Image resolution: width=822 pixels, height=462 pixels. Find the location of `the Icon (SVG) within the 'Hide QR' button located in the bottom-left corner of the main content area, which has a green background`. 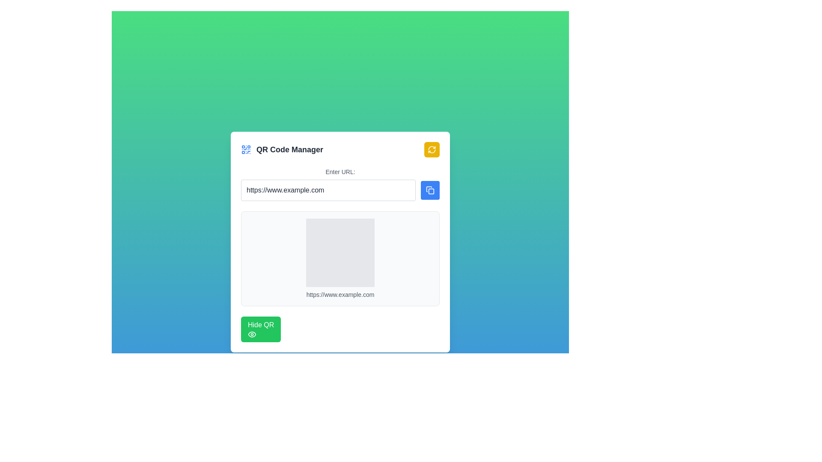

the Icon (SVG) within the 'Hide QR' button located in the bottom-left corner of the main content area, which has a green background is located at coordinates (252, 334).